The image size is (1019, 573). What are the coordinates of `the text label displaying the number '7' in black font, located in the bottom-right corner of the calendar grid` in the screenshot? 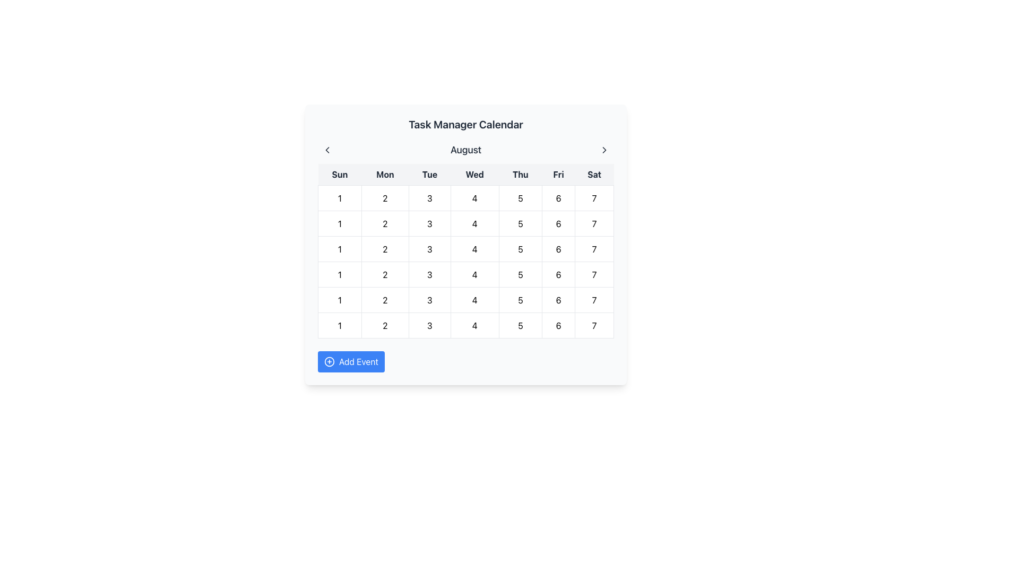 It's located at (594, 249).